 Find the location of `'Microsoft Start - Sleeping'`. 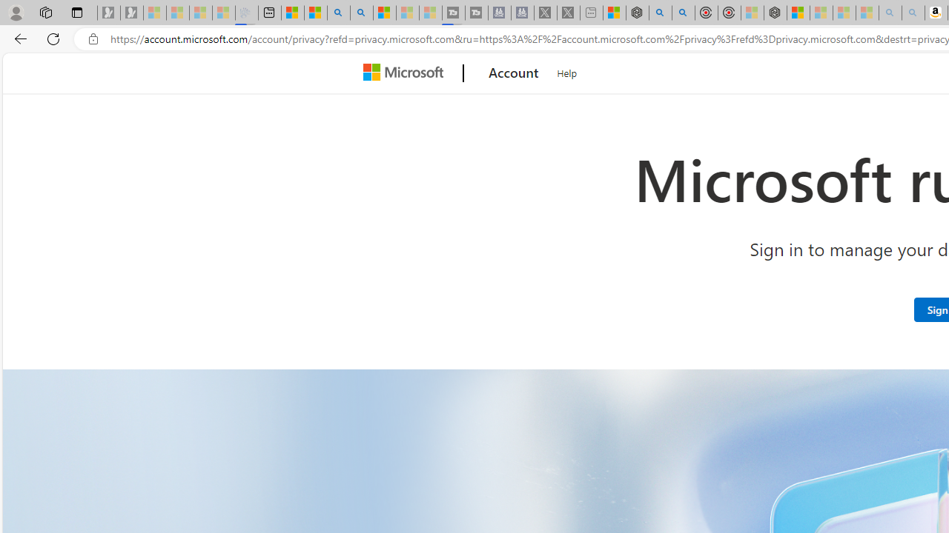

'Microsoft Start - Sleeping' is located at coordinates (407, 13).